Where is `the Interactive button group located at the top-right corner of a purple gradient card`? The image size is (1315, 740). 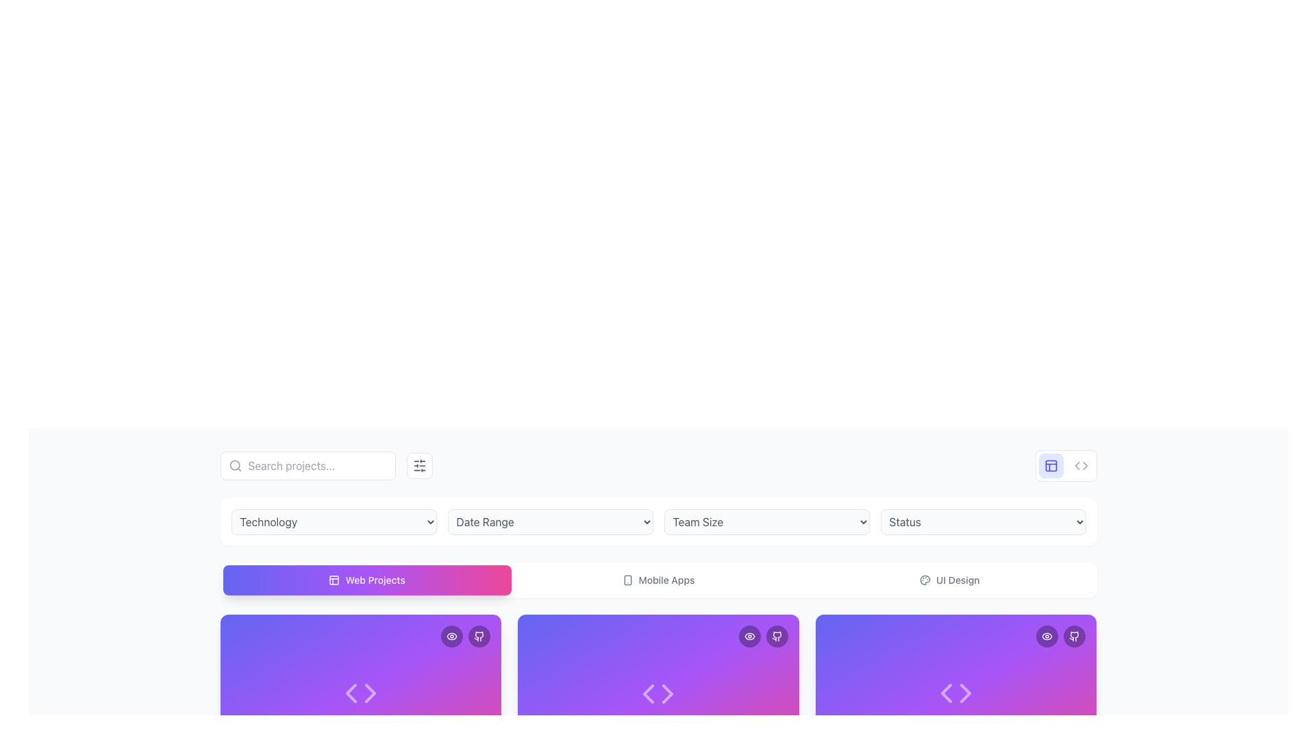 the Interactive button group located at the top-right corner of a purple gradient card is located at coordinates (466, 637).